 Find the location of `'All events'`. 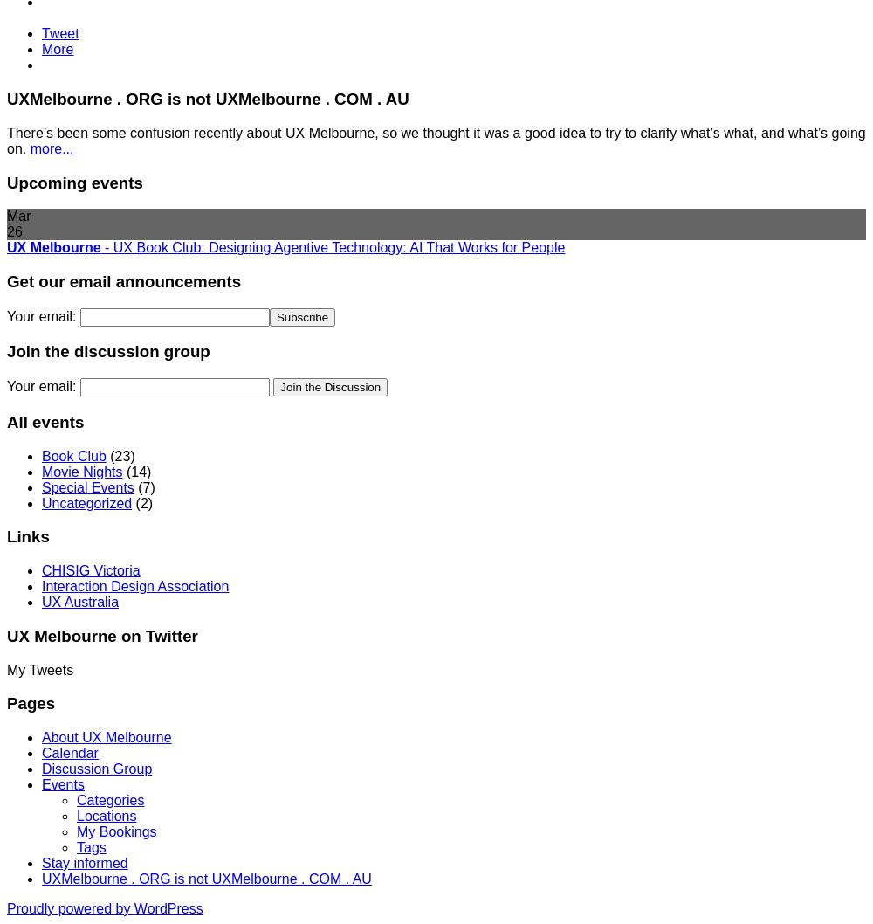

'All events' is located at coordinates (45, 420).